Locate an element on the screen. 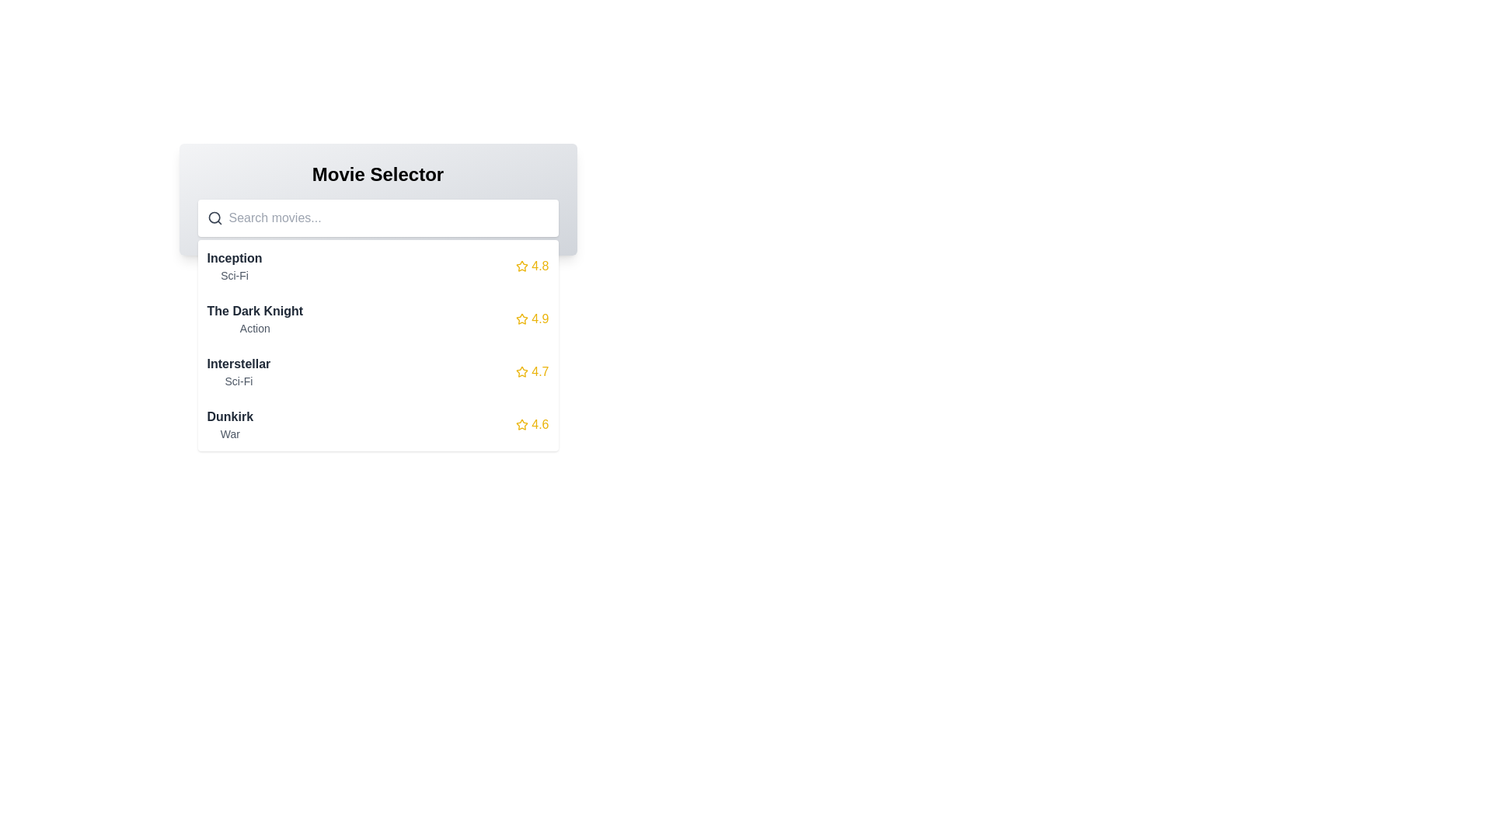 The height and width of the screenshot is (839, 1492). numeric rating value '4.7' displayed in bold yellow font, located to the right of the movie title 'Interstellar' in the ratings column is located at coordinates (540, 371).